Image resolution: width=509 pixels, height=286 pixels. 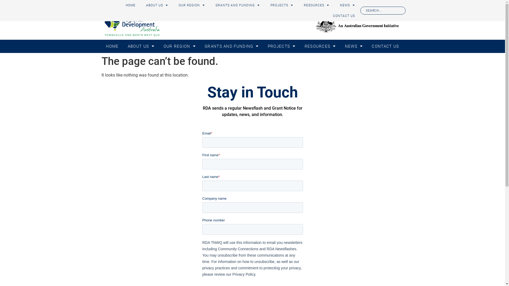 What do you see at coordinates (299, 5) in the screenshot?
I see `'RESOURCES'` at bounding box center [299, 5].